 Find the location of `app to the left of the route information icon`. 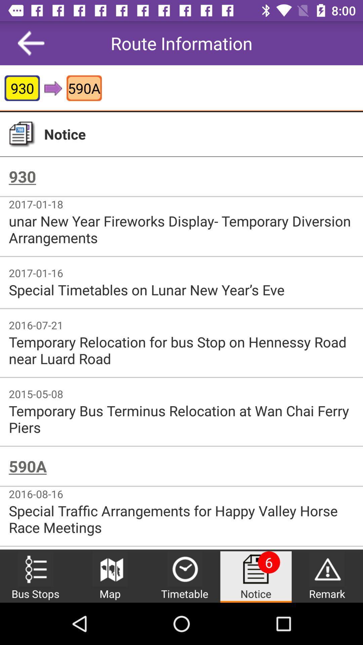

app to the left of the route information icon is located at coordinates (31, 43).